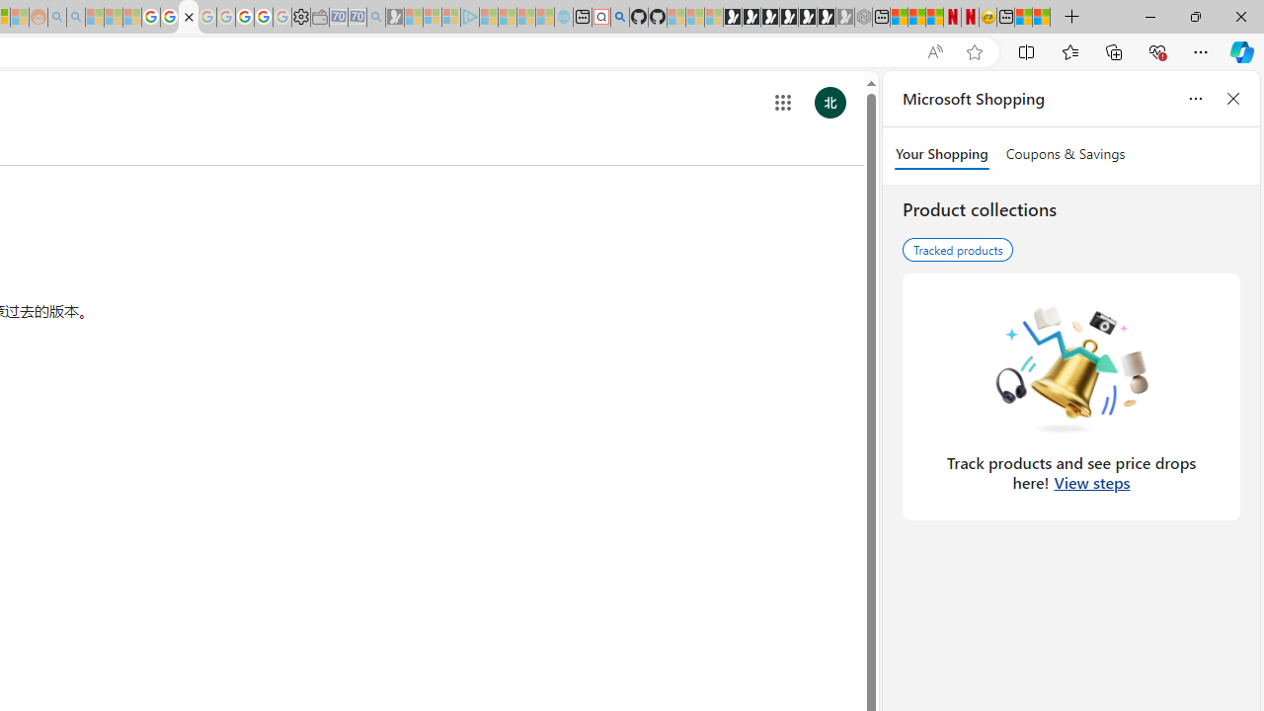  I want to click on 'Wildlife - MSN', so click(1023, 17).